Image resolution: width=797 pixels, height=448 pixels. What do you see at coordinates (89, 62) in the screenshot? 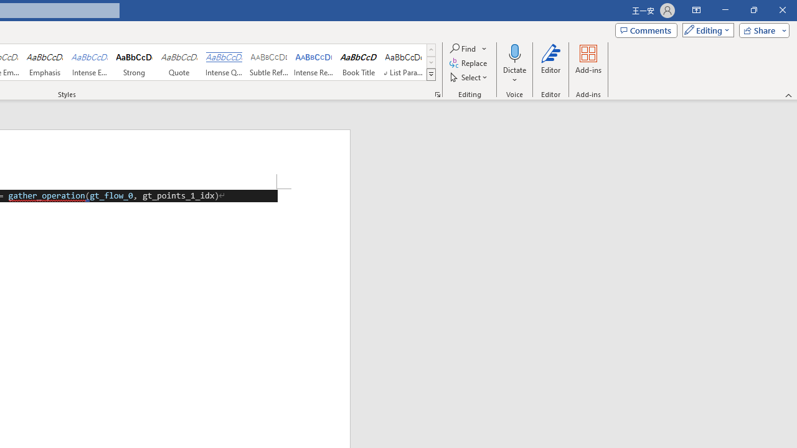
I see `'Intense Emphasis'` at bounding box center [89, 62].